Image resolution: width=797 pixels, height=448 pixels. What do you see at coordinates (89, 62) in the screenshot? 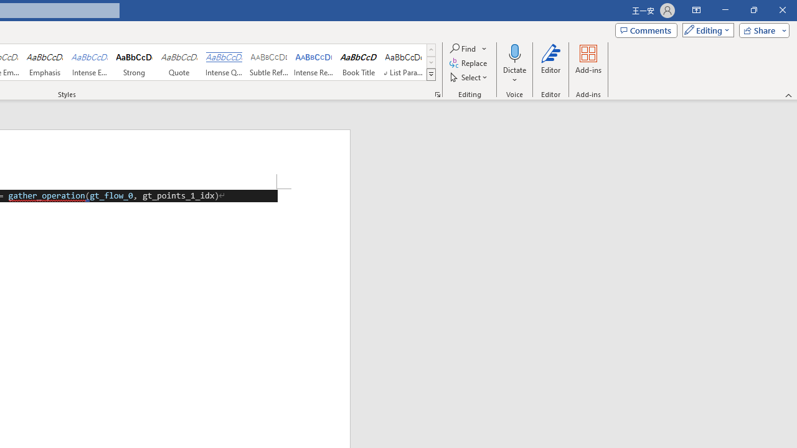
I see `'Intense Emphasis'` at bounding box center [89, 62].